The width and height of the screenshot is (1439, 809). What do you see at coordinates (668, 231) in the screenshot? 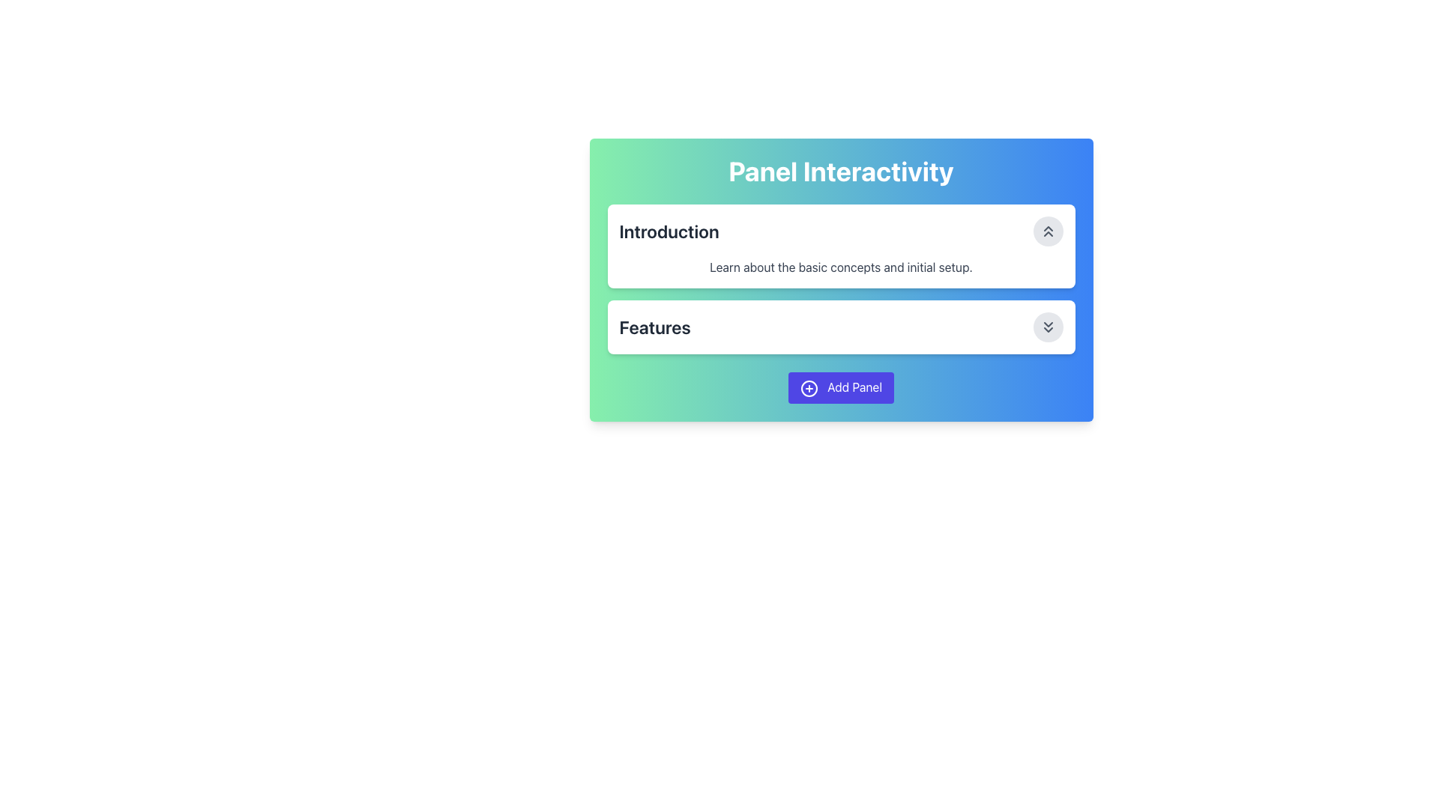
I see `the 'Introduction' header text block, which is styled with larger, bold black text and positioned at the top-left corner of the main content card` at bounding box center [668, 231].